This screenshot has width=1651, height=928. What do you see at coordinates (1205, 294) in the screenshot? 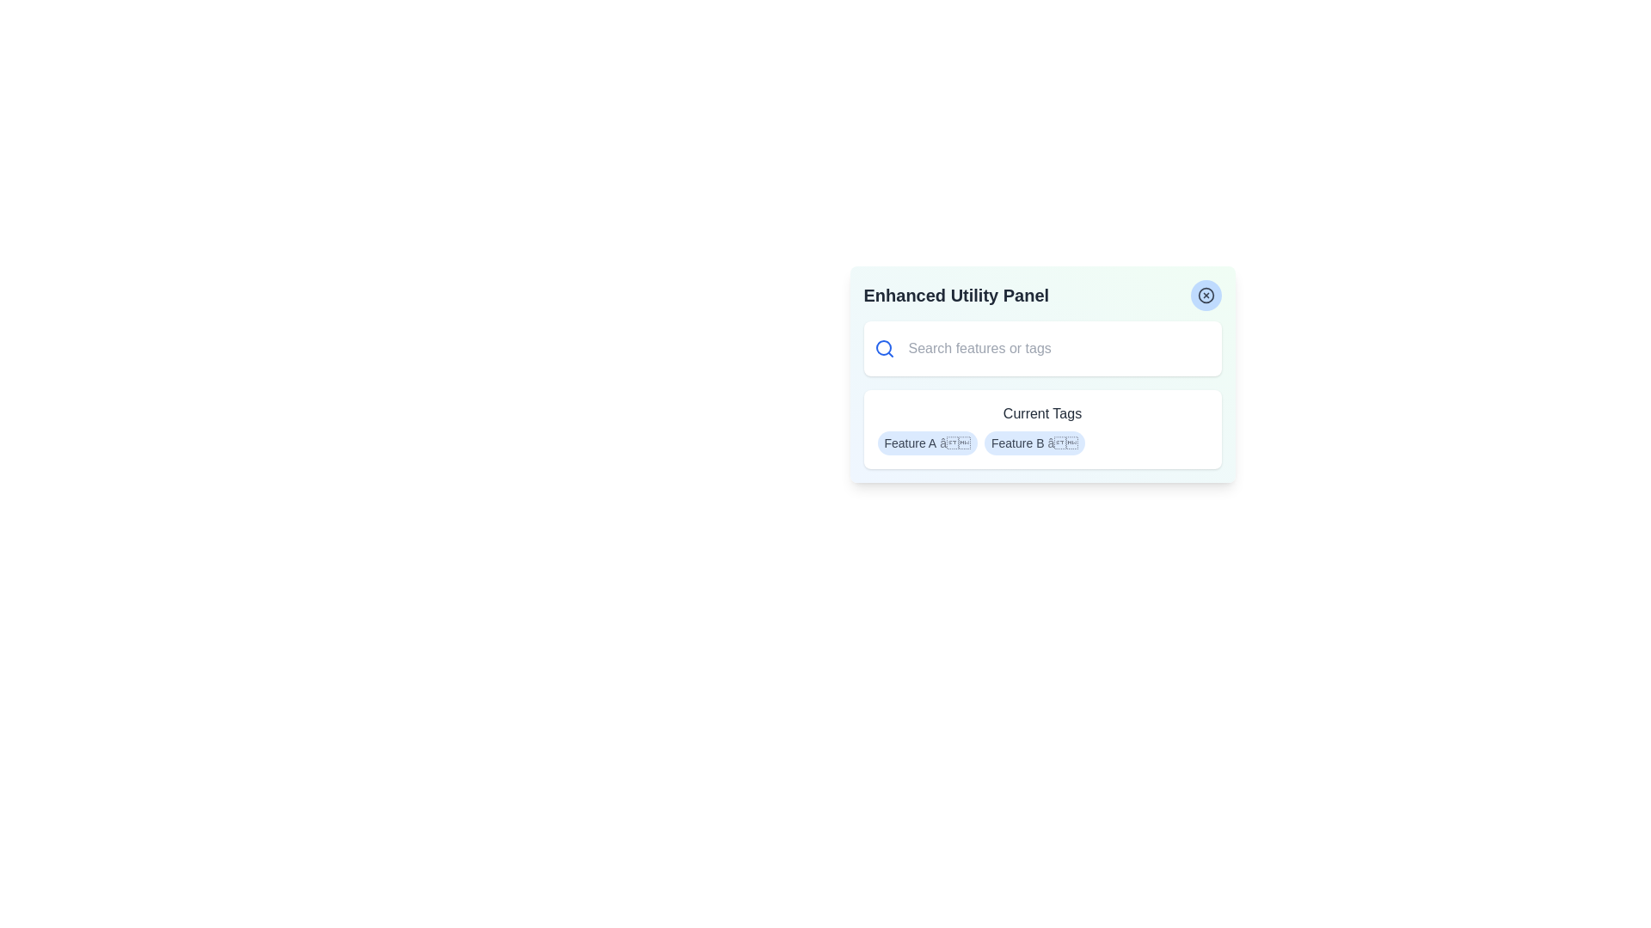
I see `the close button located at the far right of the 'Enhanced Utility Panel' header` at bounding box center [1205, 294].